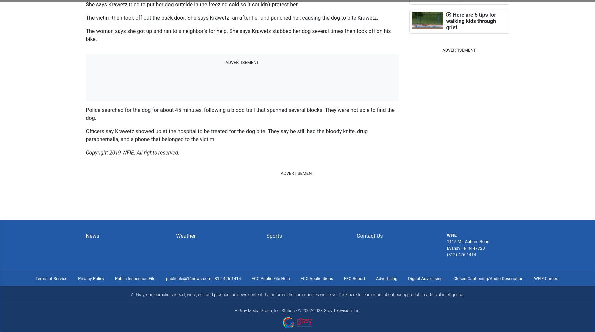 The image size is (595, 332). Describe the element at coordinates (234, 294) in the screenshot. I see `'At Gray, our journalists report, write, edit and produce the news content that informs the communities we serve.'` at that location.